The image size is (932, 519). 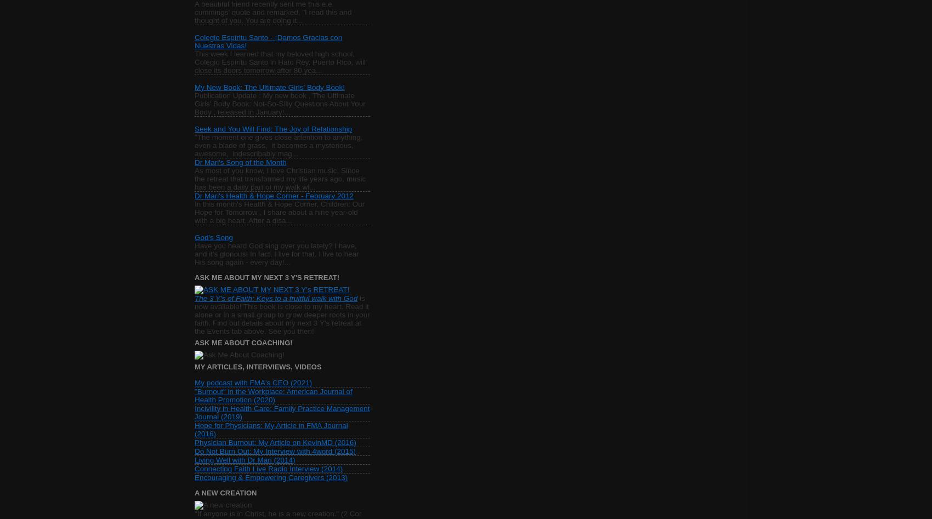 I want to click on 'Living Well with Dr Mari (2014)', so click(x=245, y=459).